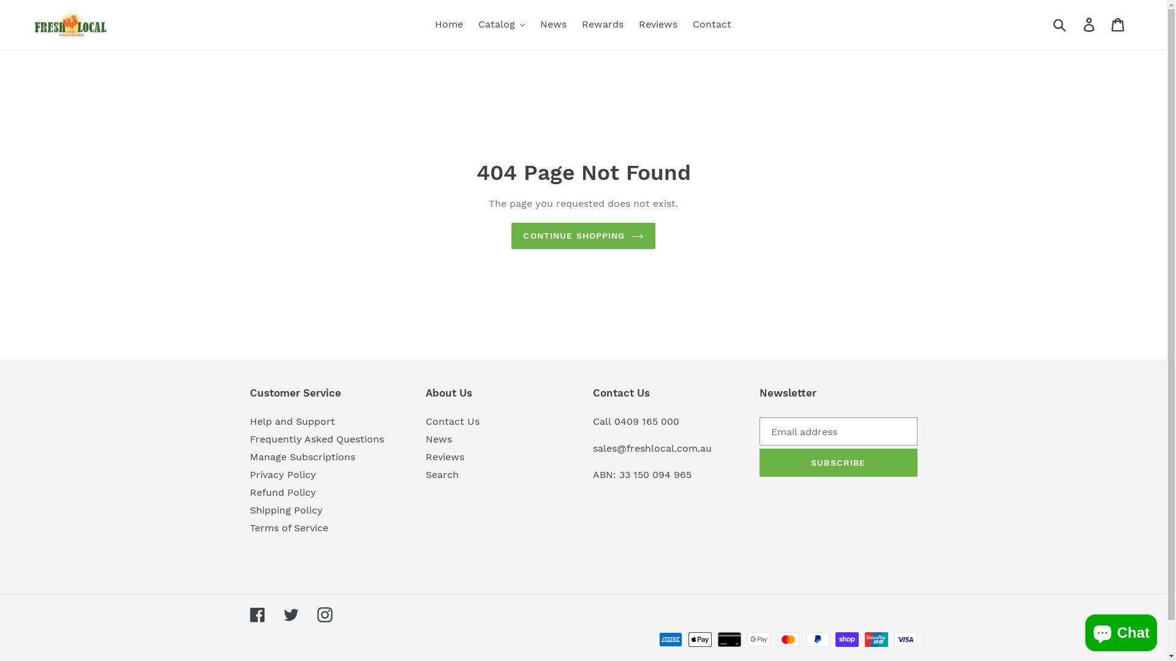 The image size is (1176, 661). Describe the element at coordinates (257, 615) in the screenshot. I see `'Facebook'` at that location.